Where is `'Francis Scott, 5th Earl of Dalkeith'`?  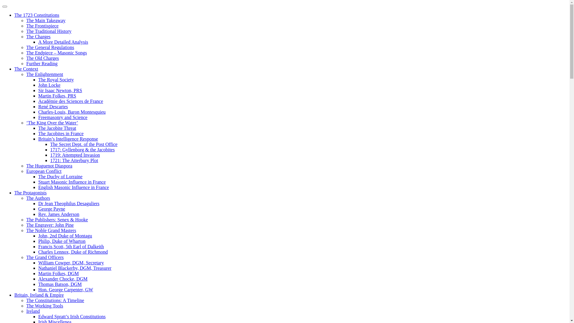 'Francis Scott, 5th Earl of Dalkeith' is located at coordinates (38, 246).